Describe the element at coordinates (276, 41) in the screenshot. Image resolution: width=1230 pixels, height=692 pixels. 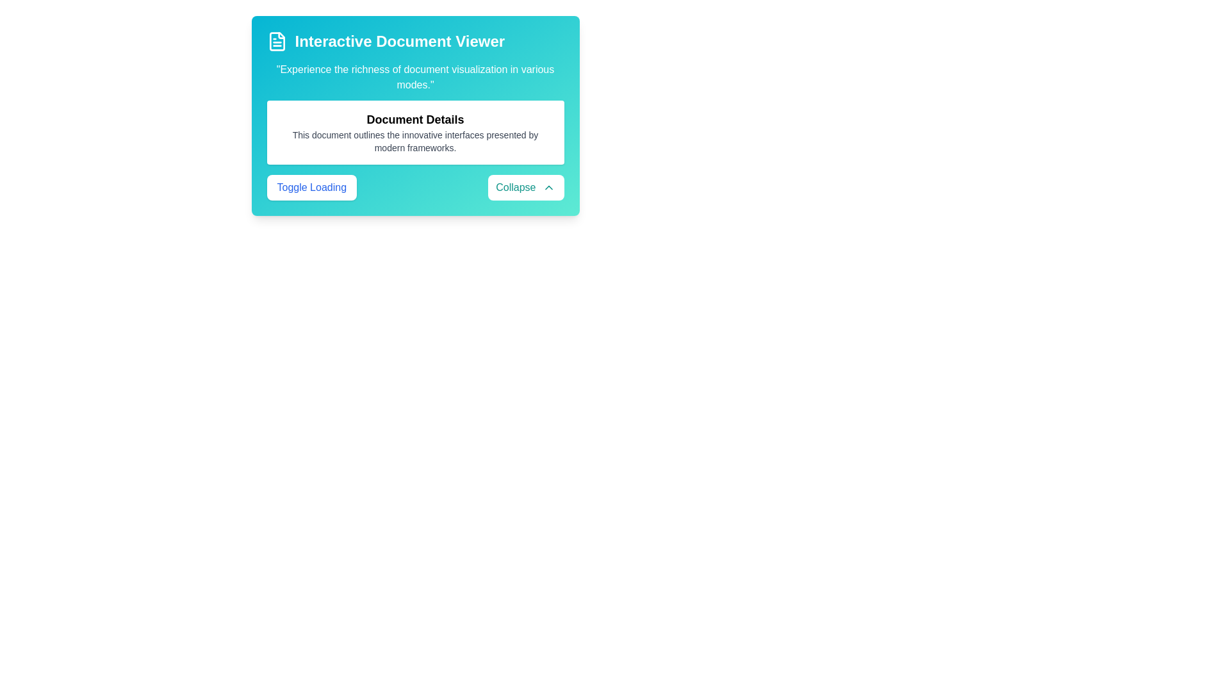
I see `the icon located to the immediate left of the 'Interactive Document Viewer' title in the top section of the card` at that location.